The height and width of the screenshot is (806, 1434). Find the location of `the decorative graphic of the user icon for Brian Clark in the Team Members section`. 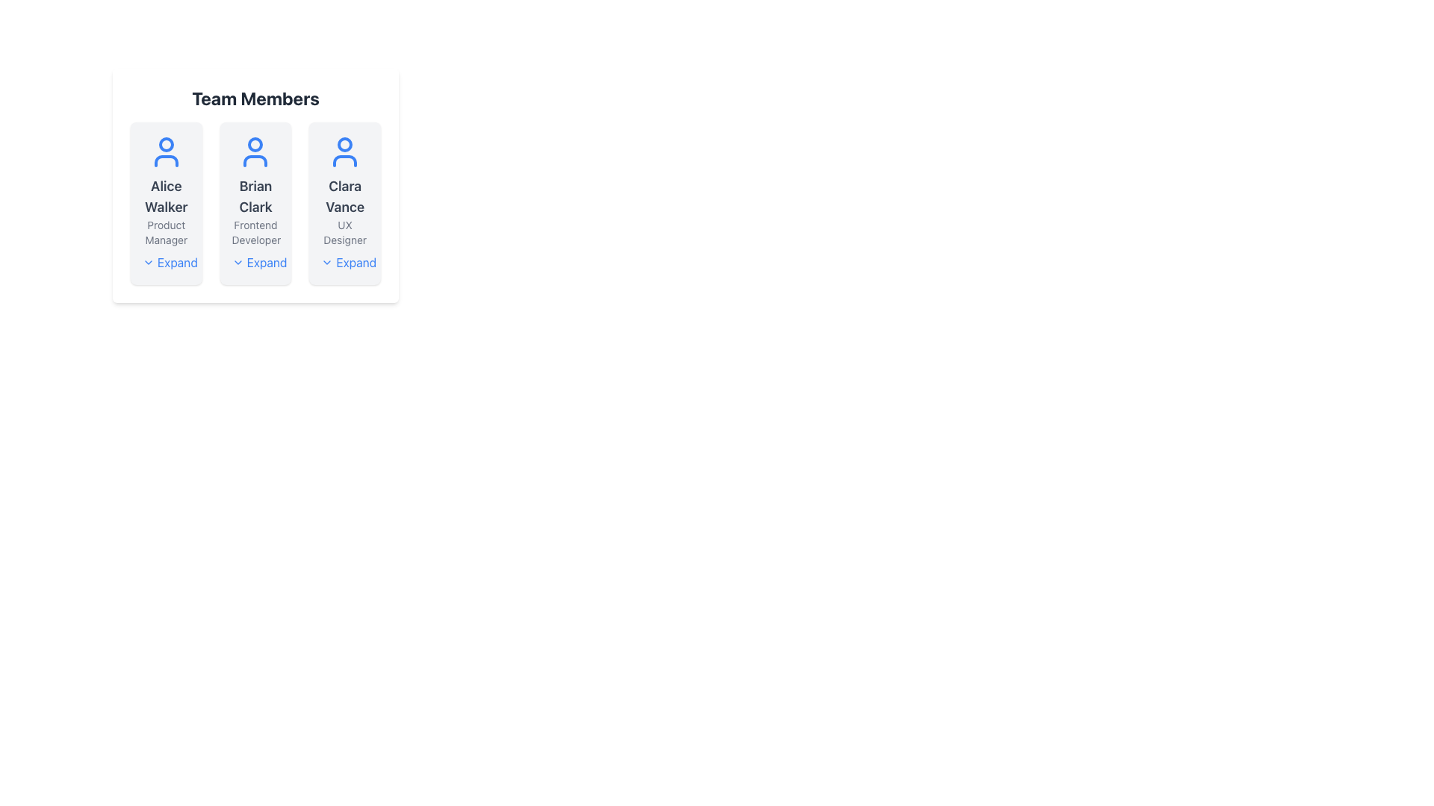

the decorative graphic of the user icon for Brian Clark in the Team Members section is located at coordinates (255, 144).